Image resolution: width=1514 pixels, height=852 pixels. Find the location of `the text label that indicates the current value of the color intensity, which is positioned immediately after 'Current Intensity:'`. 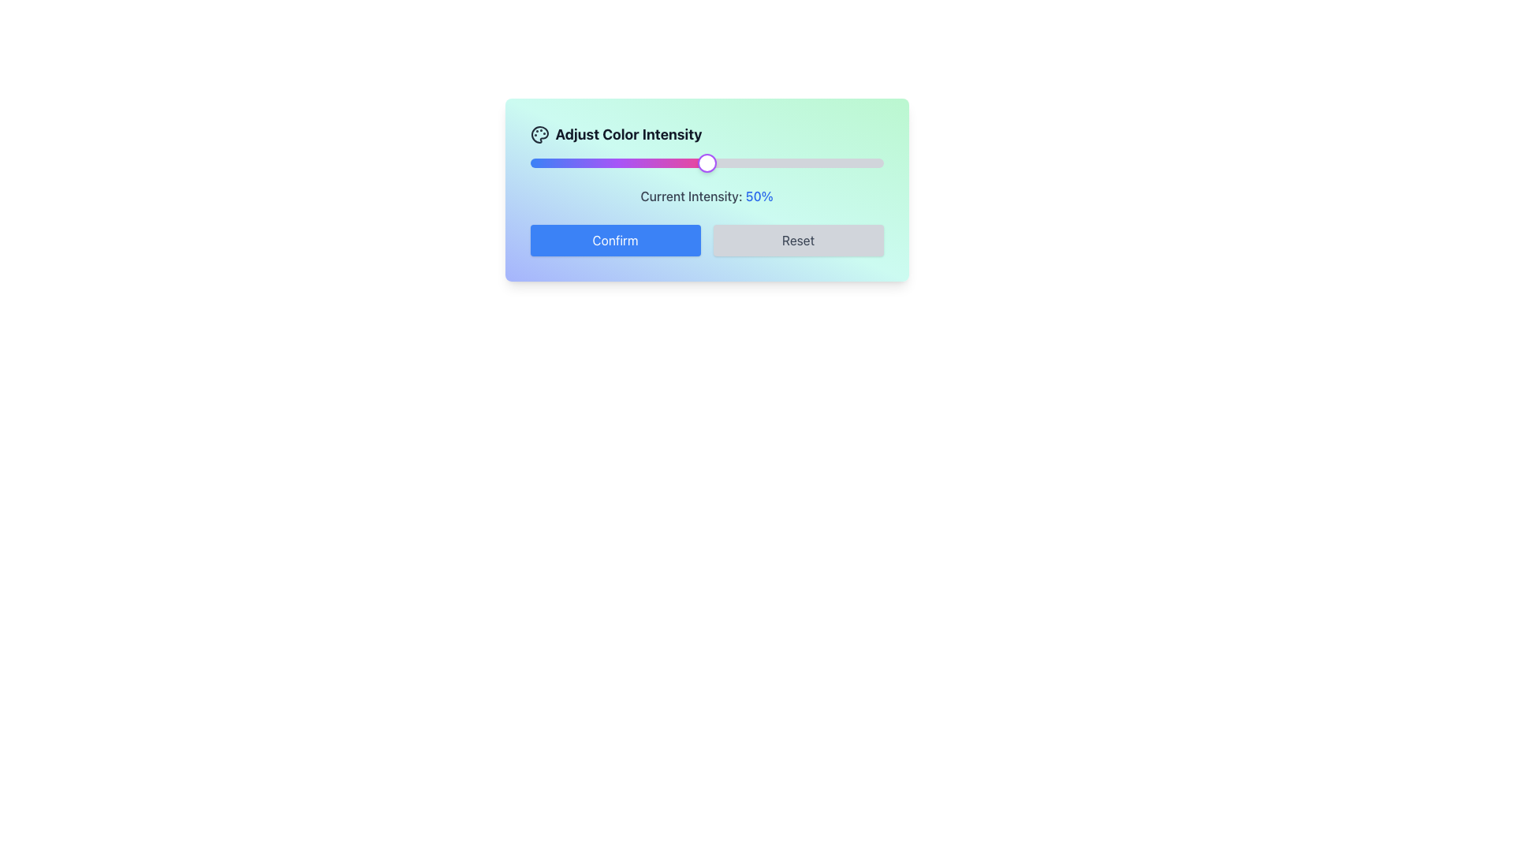

the text label that indicates the current value of the color intensity, which is positioned immediately after 'Current Intensity:' is located at coordinates (759, 196).